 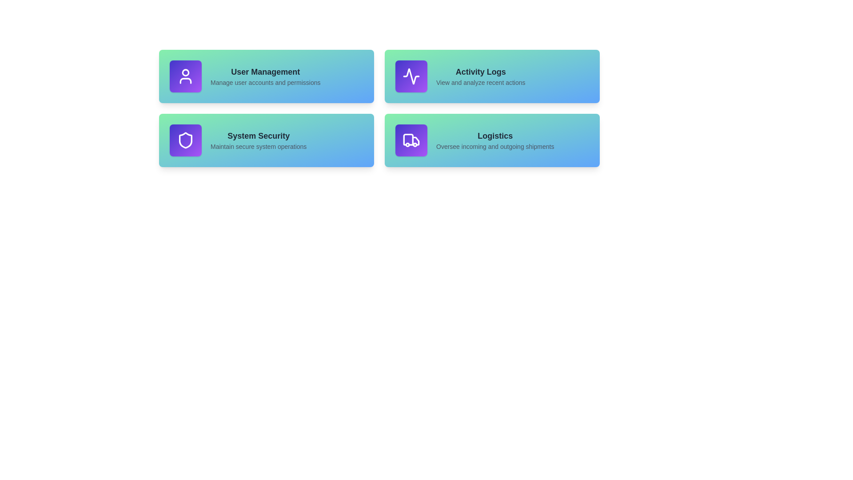 I want to click on the section corresponding to Logistics, so click(x=492, y=140).